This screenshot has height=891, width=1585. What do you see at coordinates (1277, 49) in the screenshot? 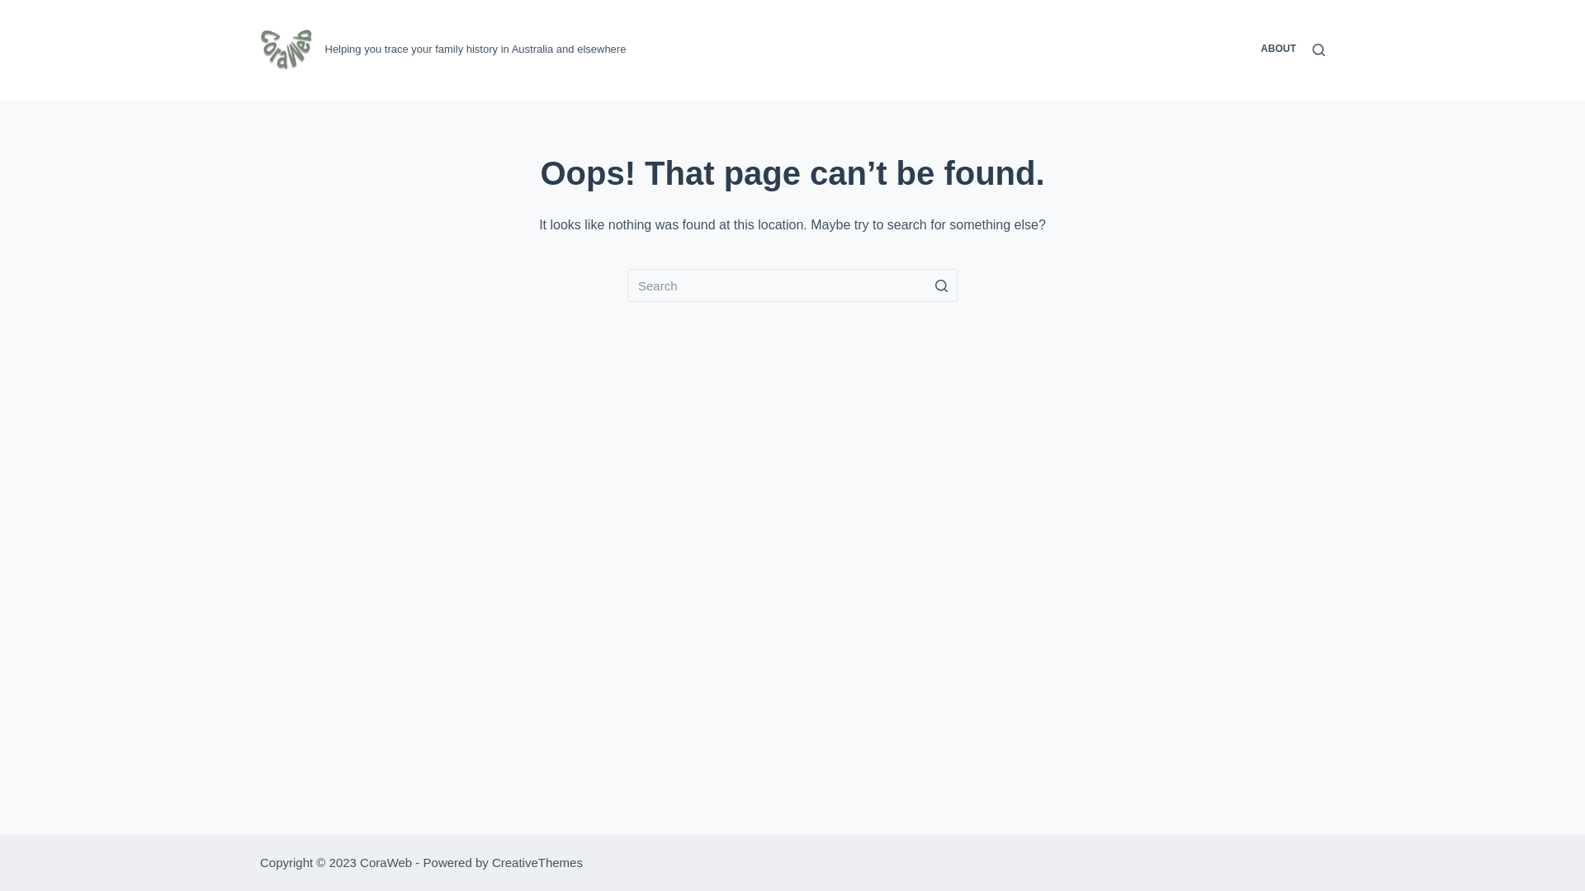
I see `'ABOUT'` at bounding box center [1277, 49].